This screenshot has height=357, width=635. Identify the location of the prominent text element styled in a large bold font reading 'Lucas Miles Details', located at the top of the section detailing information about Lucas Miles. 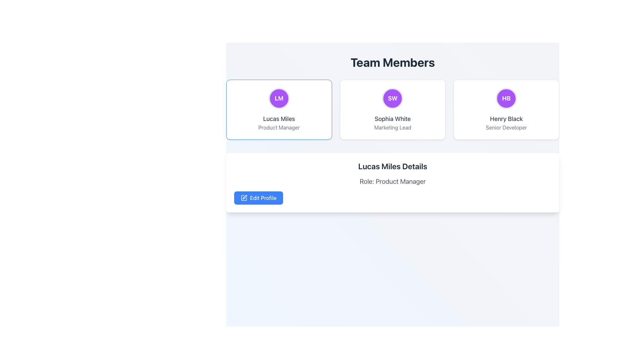
(393, 166).